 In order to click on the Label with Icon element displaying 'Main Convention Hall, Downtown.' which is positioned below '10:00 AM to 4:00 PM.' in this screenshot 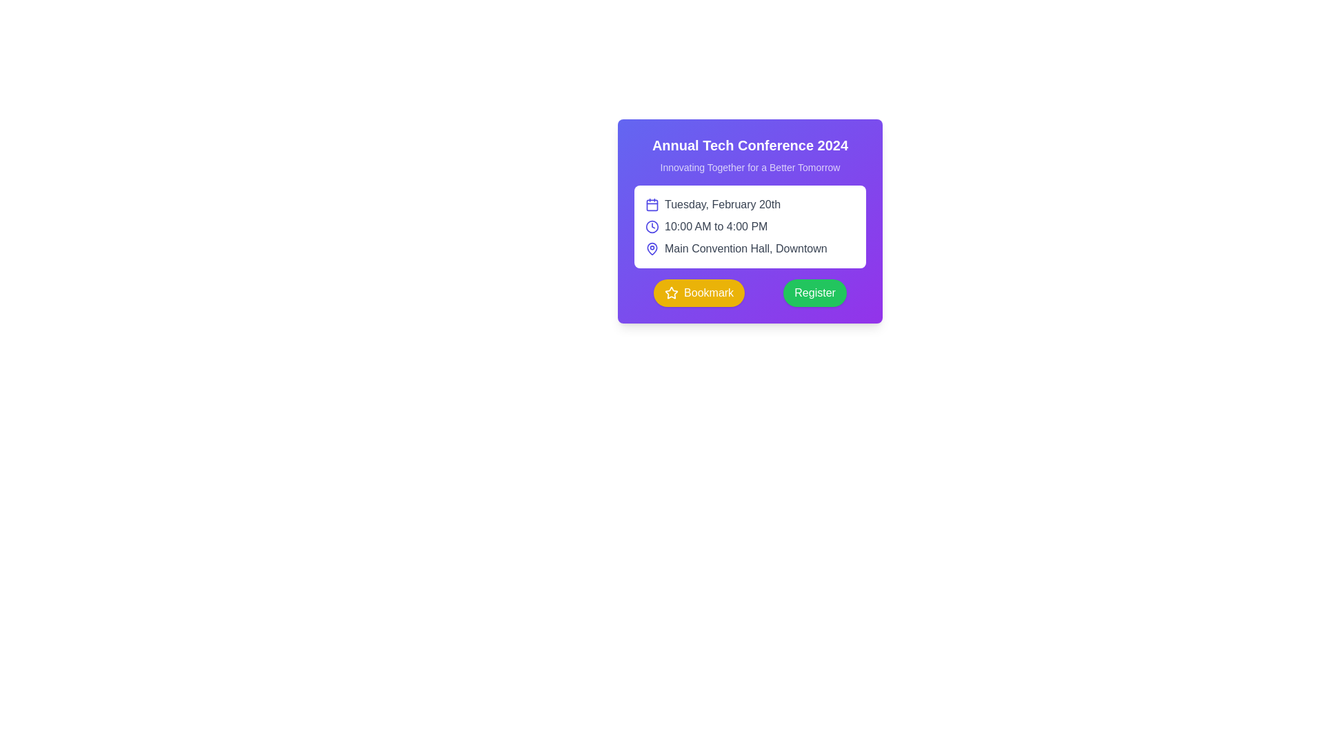, I will do `click(750, 249)`.